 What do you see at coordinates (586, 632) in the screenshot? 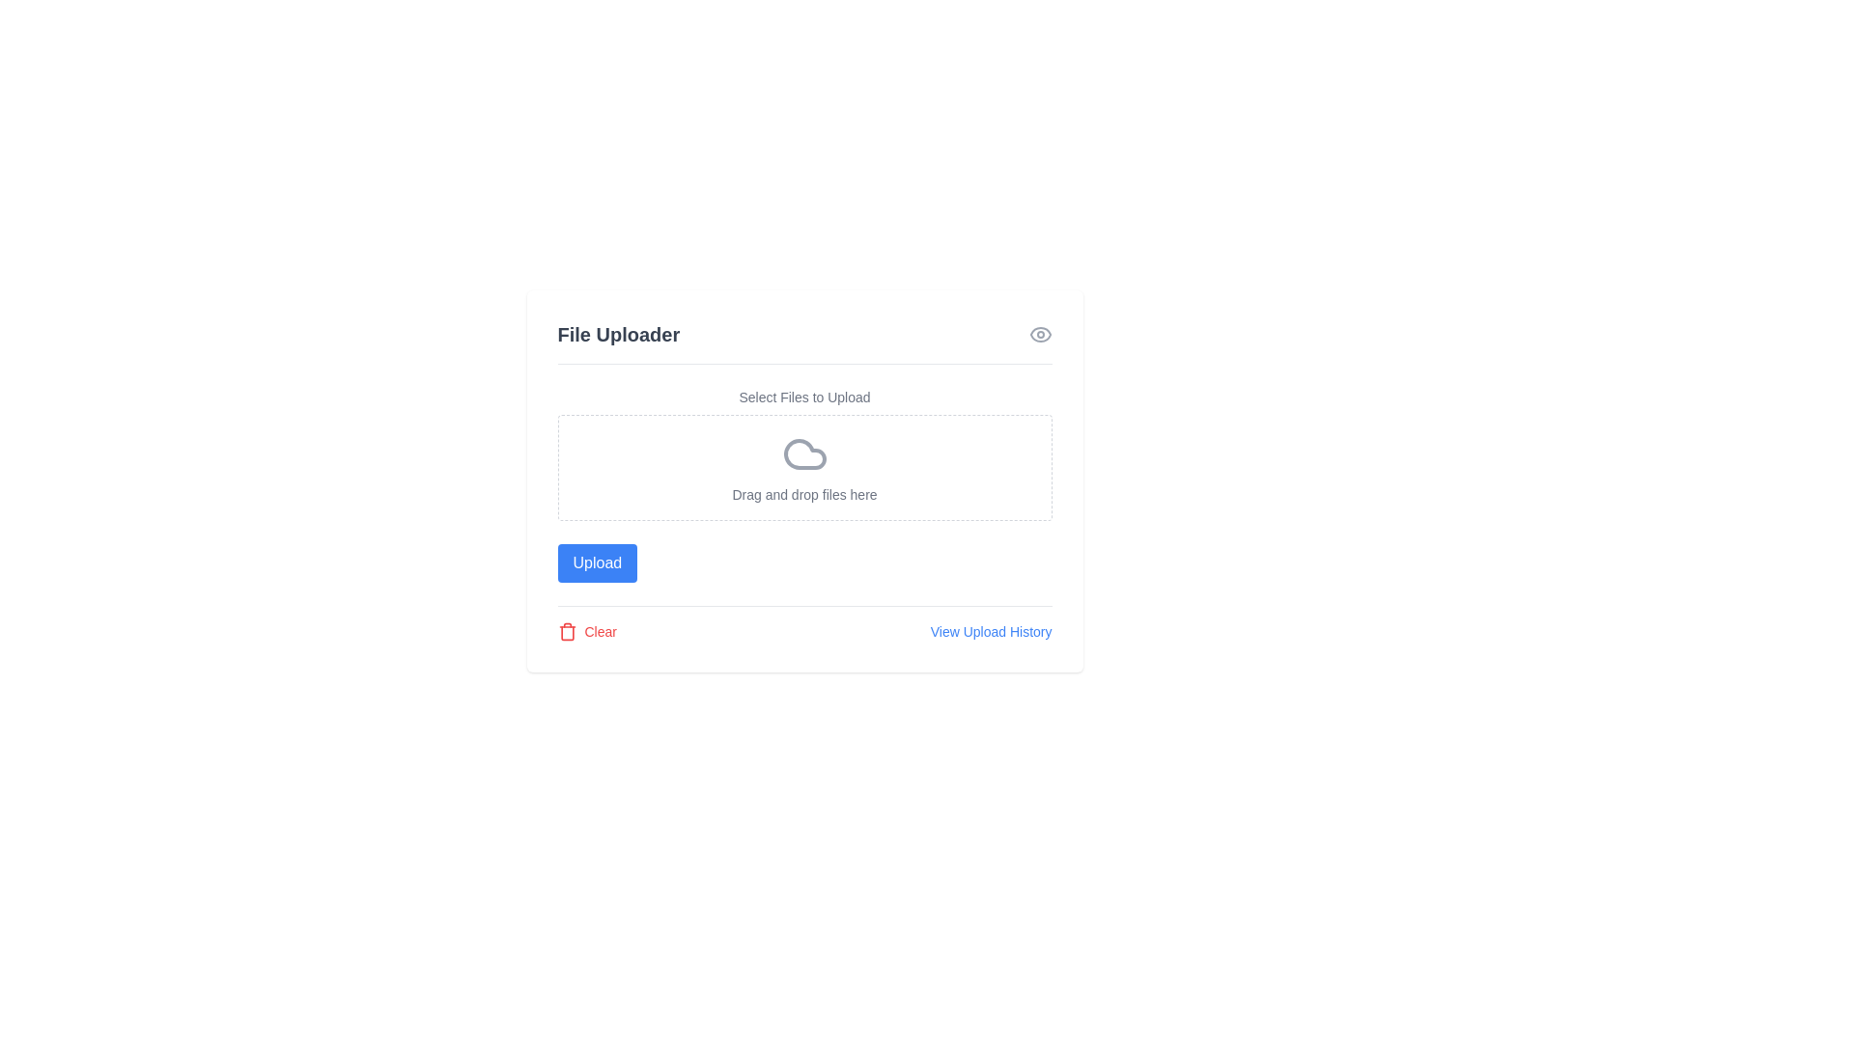
I see `the 'Clear' button, which is styled in red and includes a trash can icon, located towards the bottom left corner of the upload functionalities box` at bounding box center [586, 632].